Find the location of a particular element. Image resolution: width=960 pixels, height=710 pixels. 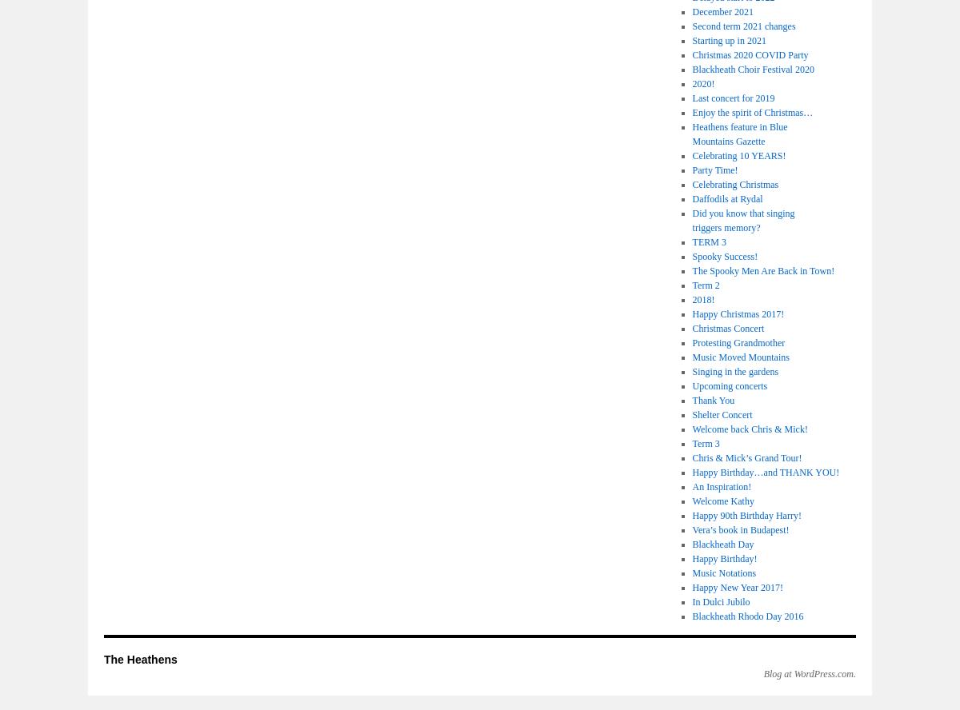

'An Inspiration!' is located at coordinates (722, 486).